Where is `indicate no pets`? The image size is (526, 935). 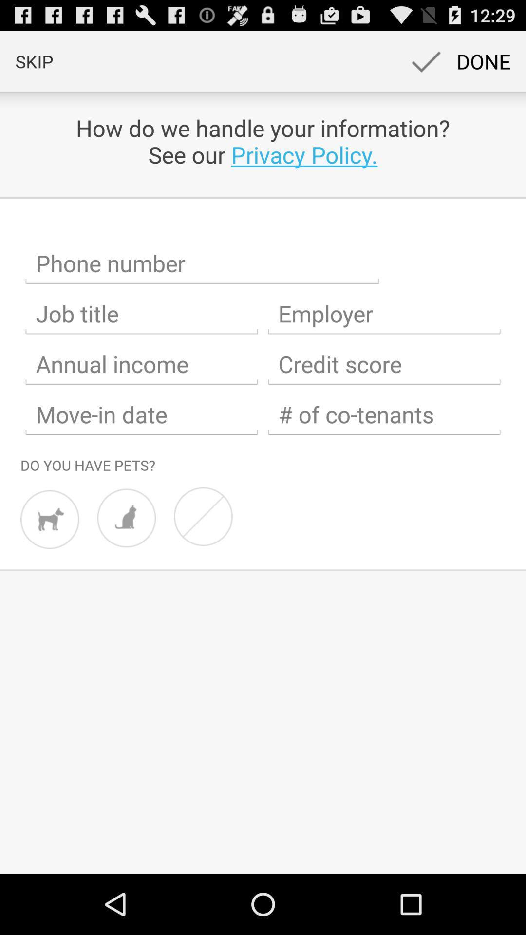 indicate no pets is located at coordinates (203, 516).